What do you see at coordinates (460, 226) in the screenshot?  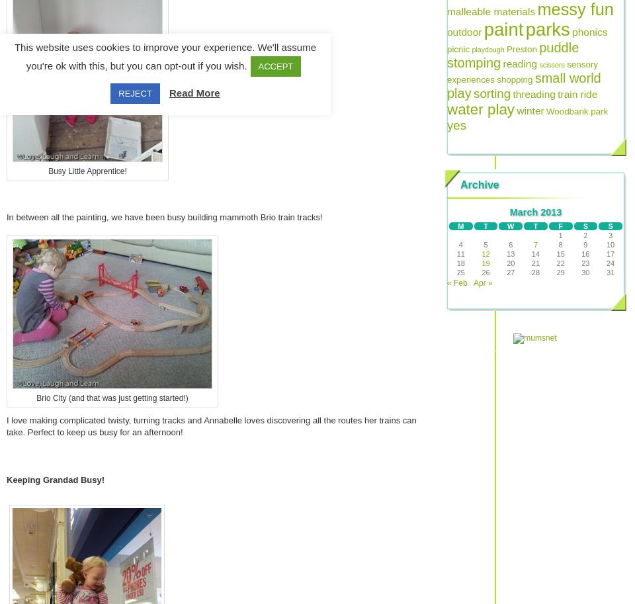 I see `'M'` at bounding box center [460, 226].